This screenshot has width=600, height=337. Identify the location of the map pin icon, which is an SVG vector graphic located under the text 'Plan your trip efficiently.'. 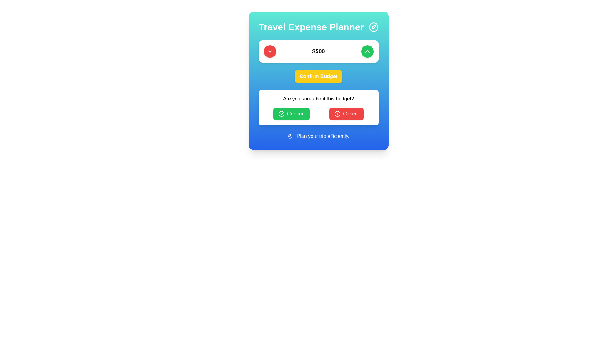
(290, 136).